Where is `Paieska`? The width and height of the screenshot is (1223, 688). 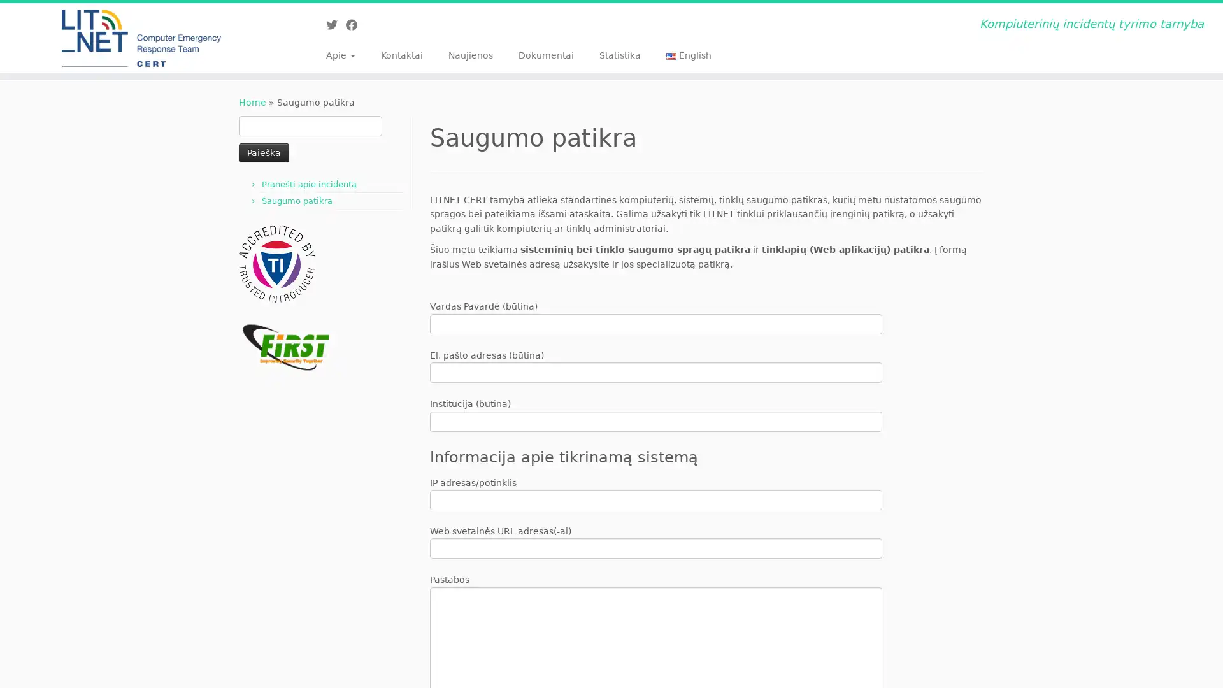
Paieska is located at coordinates (263, 152).